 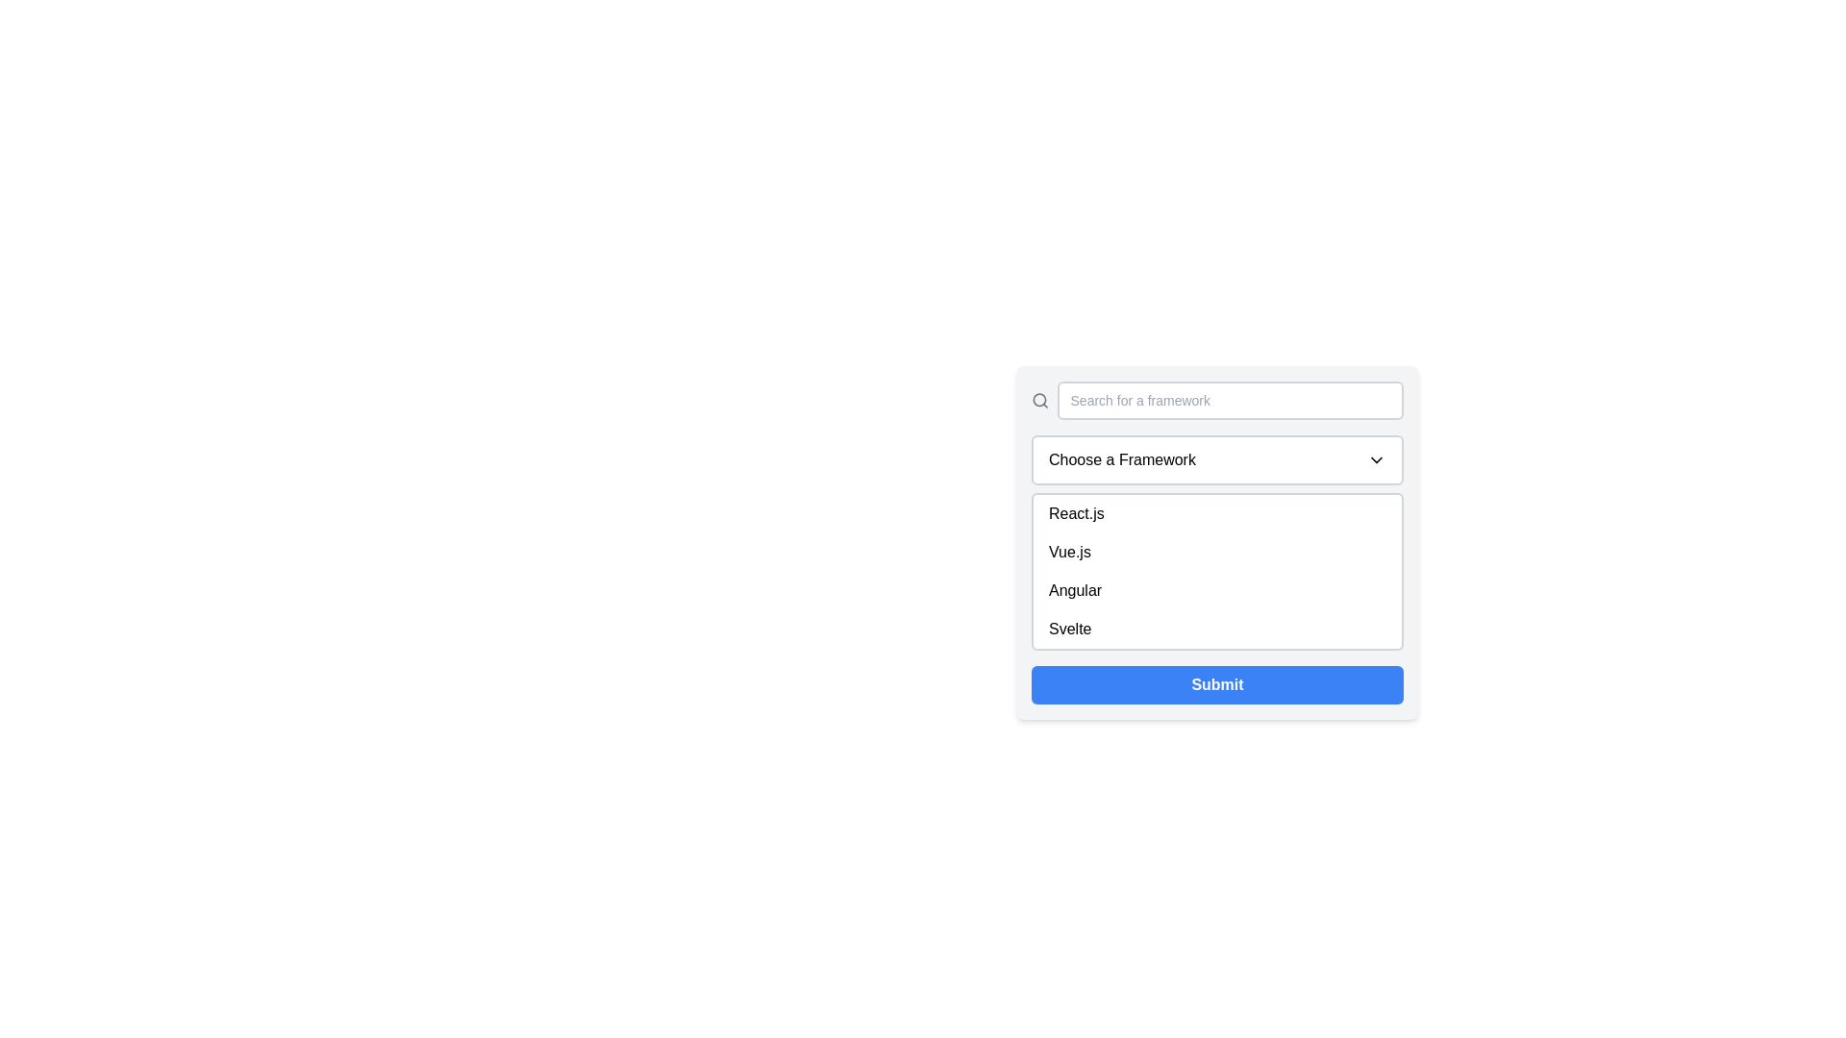 I want to click on the 'Svelte' option in the dropdown menu, which is the last option following 'Angular' in the 'Choose a Framework' list, so click(x=1069, y=630).